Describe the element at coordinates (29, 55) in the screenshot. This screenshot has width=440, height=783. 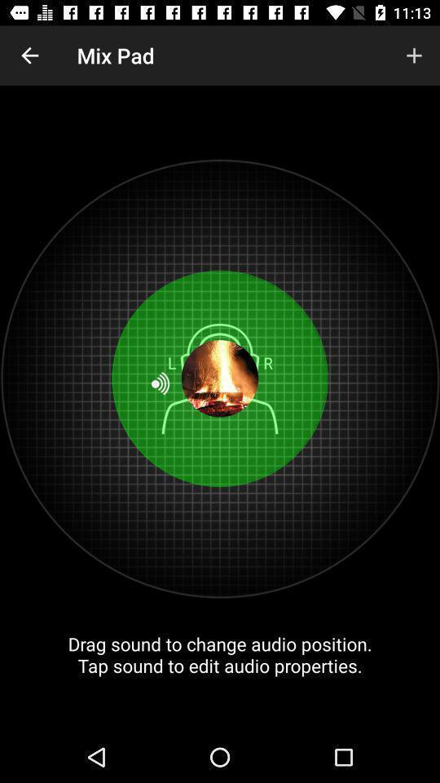
I see `item above the drag sound to item` at that location.